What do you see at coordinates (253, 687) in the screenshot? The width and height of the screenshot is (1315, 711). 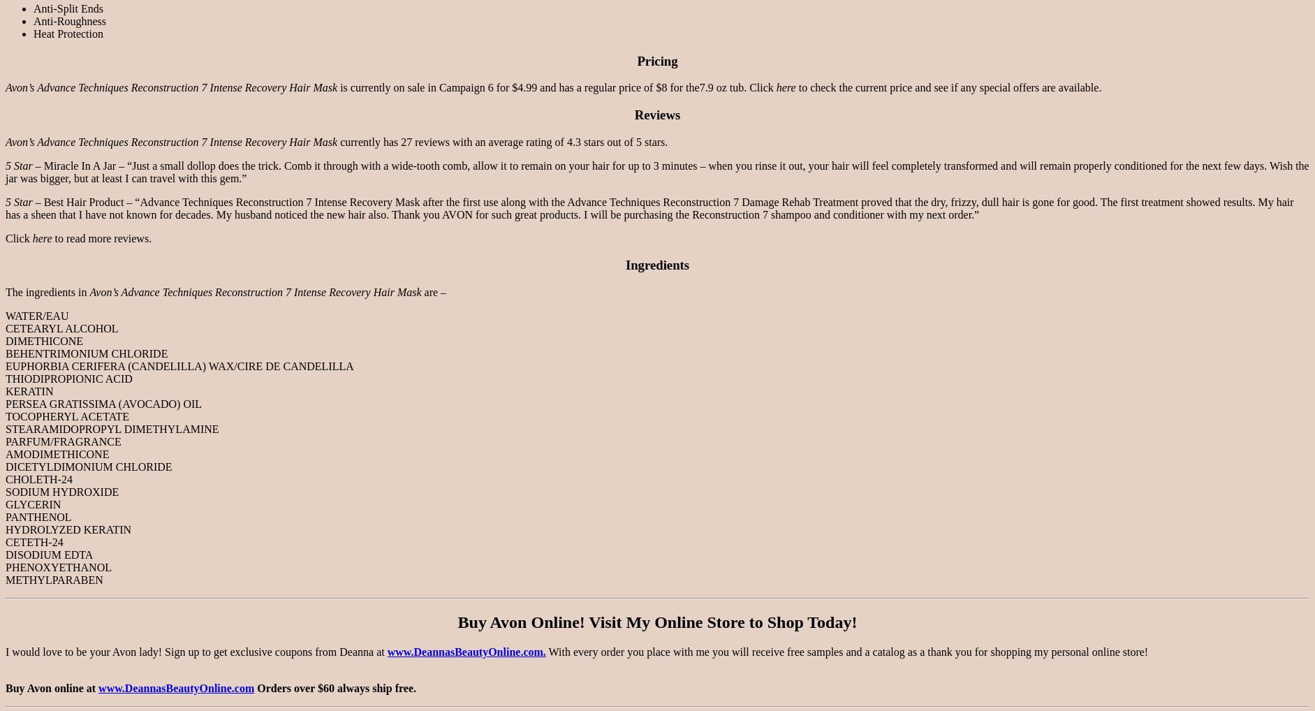 I see `'Orders over $60 always ship free.'` at bounding box center [253, 687].